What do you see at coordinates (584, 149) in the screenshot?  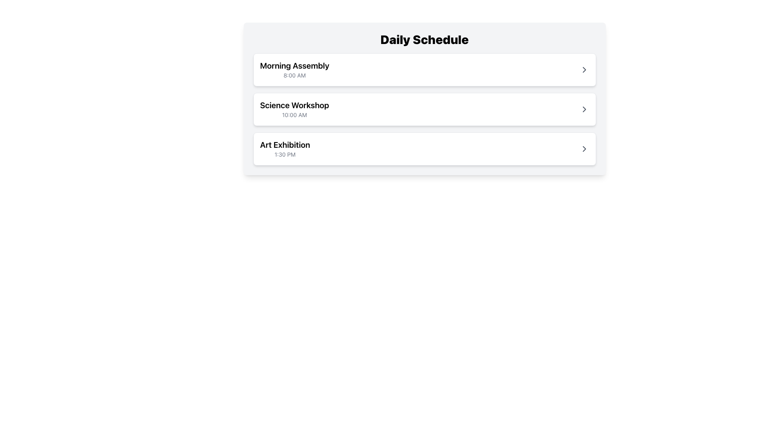 I see `the rightward arrow icon located inside the third list item labeled 'Art Exhibition 1:30 PM' in the daily schedule interface` at bounding box center [584, 149].